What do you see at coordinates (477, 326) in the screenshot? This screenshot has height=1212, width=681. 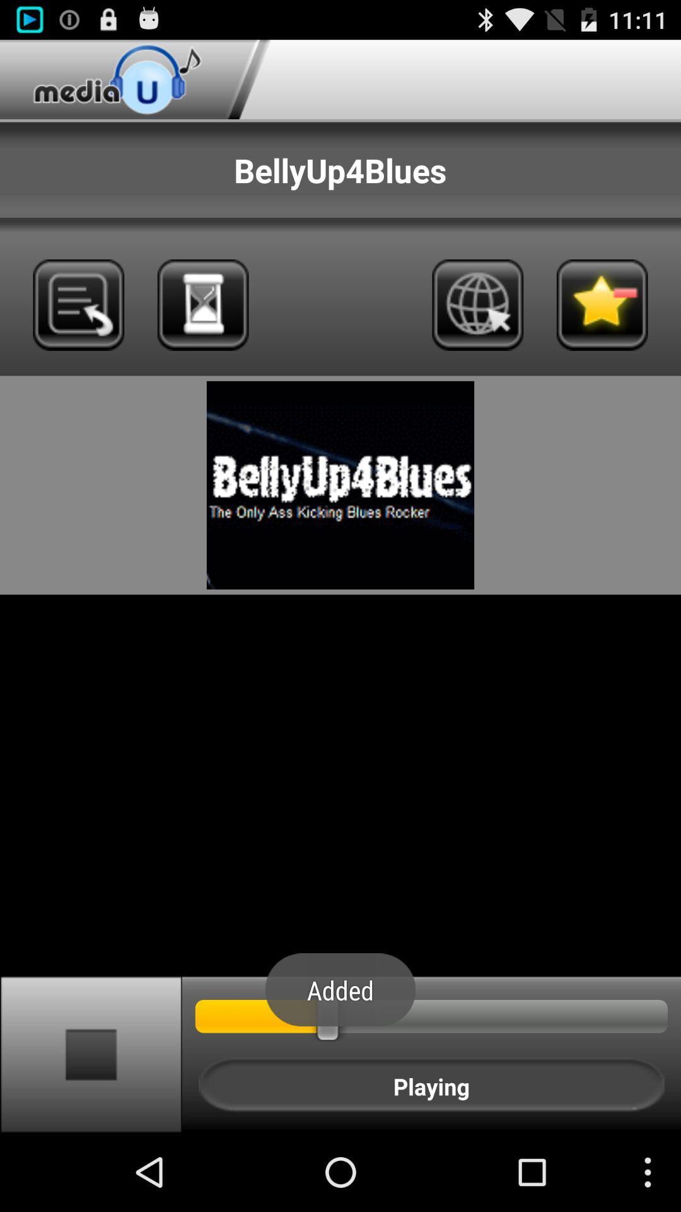 I see `the globe icon` at bounding box center [477, 326].